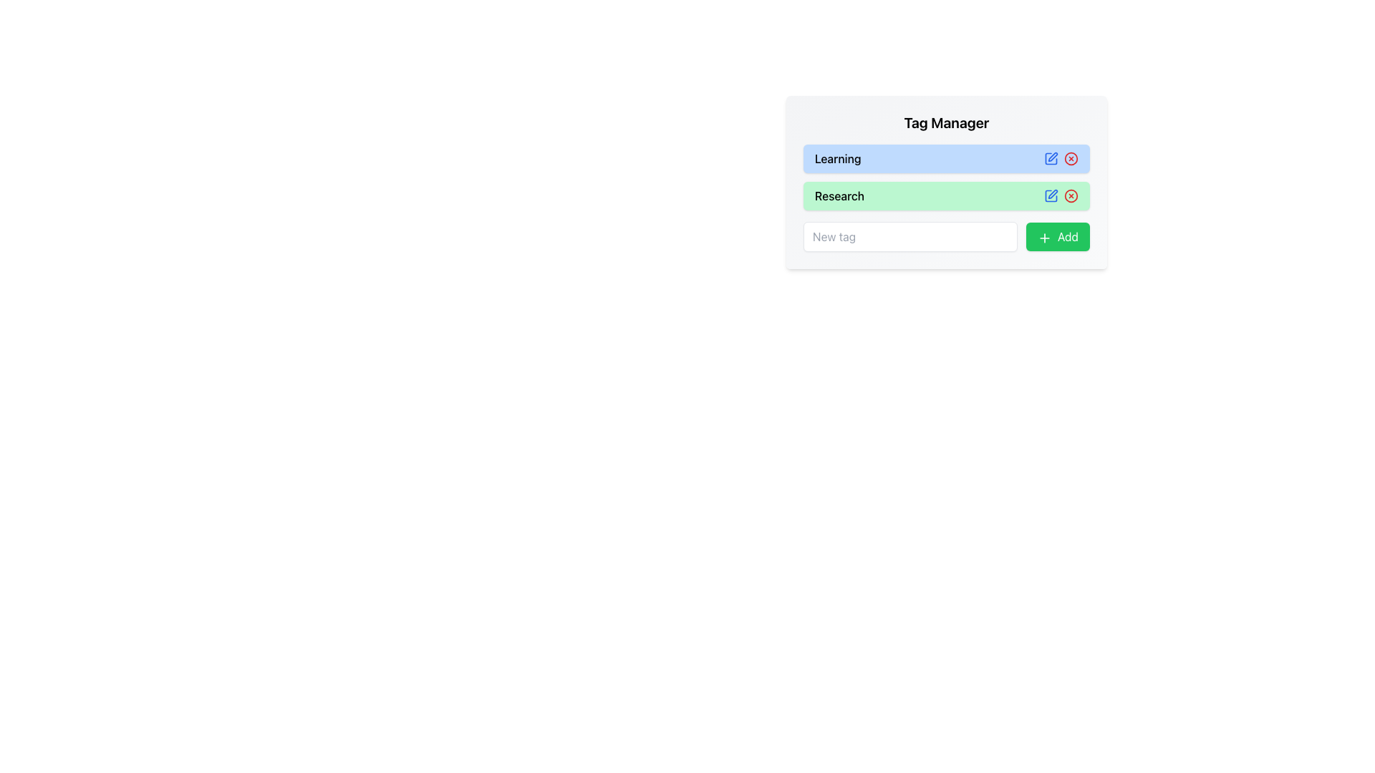 The image size is (1375, 773). Describe the element at coordinates (1052, 157) in the screenshot. I see `the small graphic icon resembling a pen or pencil located next to the 'Learning' label` at that location.